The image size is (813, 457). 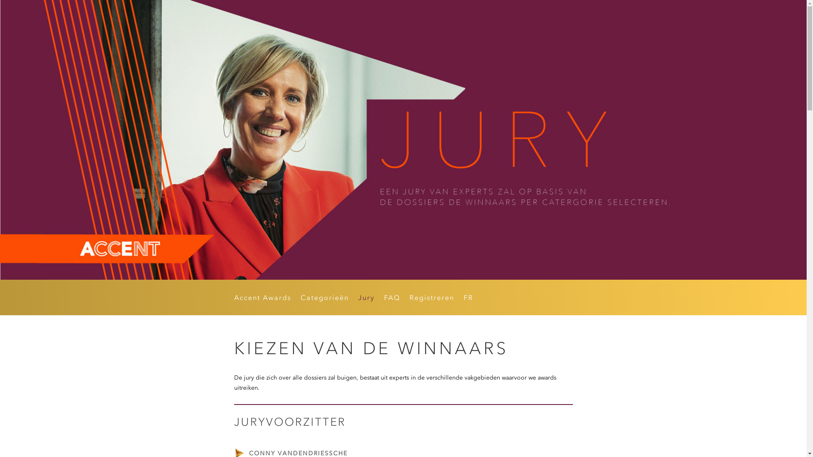 What do you see at coordinates (383, 298) in the screenshot?
I see `'FAQ'` at bounding box center [383, 298].